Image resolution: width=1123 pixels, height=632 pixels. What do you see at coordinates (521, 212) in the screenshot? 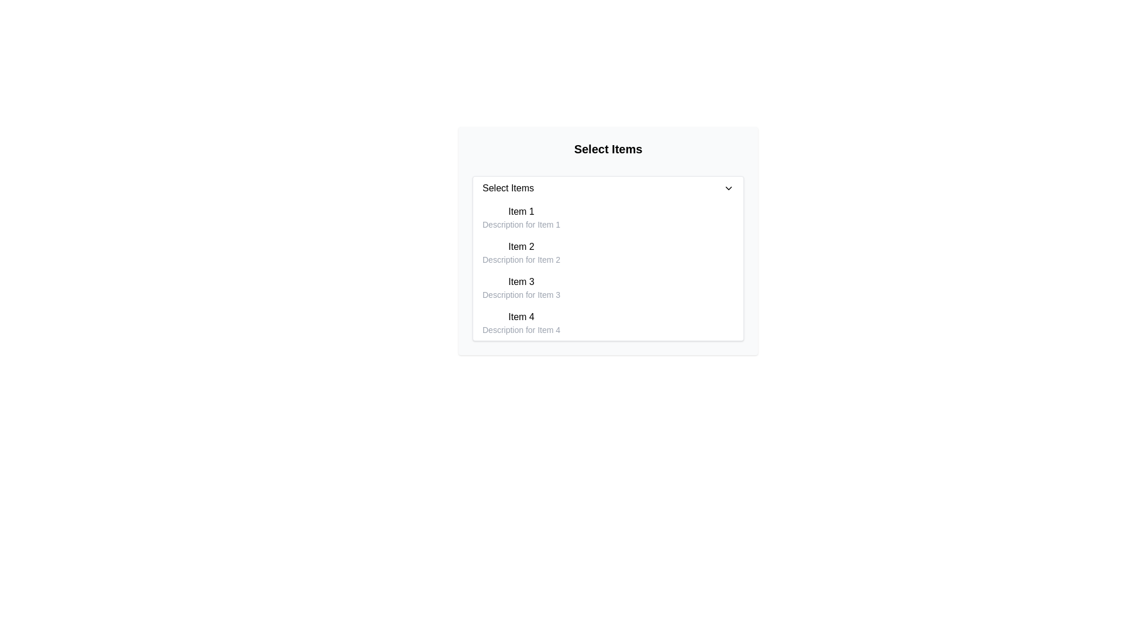
I see `the bold textual heading labeled 'Item 1' which is the first item in a dropdown list, positioned directly above its description text 'Description for Item 1'` at bounding box center [521, 212].